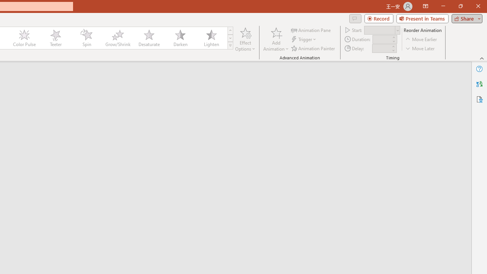 Image resolution: width=487 pixels, height=274 pixels. Describe the element at coordinates (420, 48) in the screenshot. I see `'Move Later'` at that location.